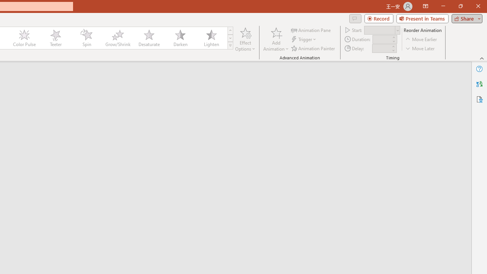 Image resolution: width=487 pixels, height=274 pixels. Describe the element at coordinates (420, 48) in the screenshot. I see `'Move Later'` at that location.